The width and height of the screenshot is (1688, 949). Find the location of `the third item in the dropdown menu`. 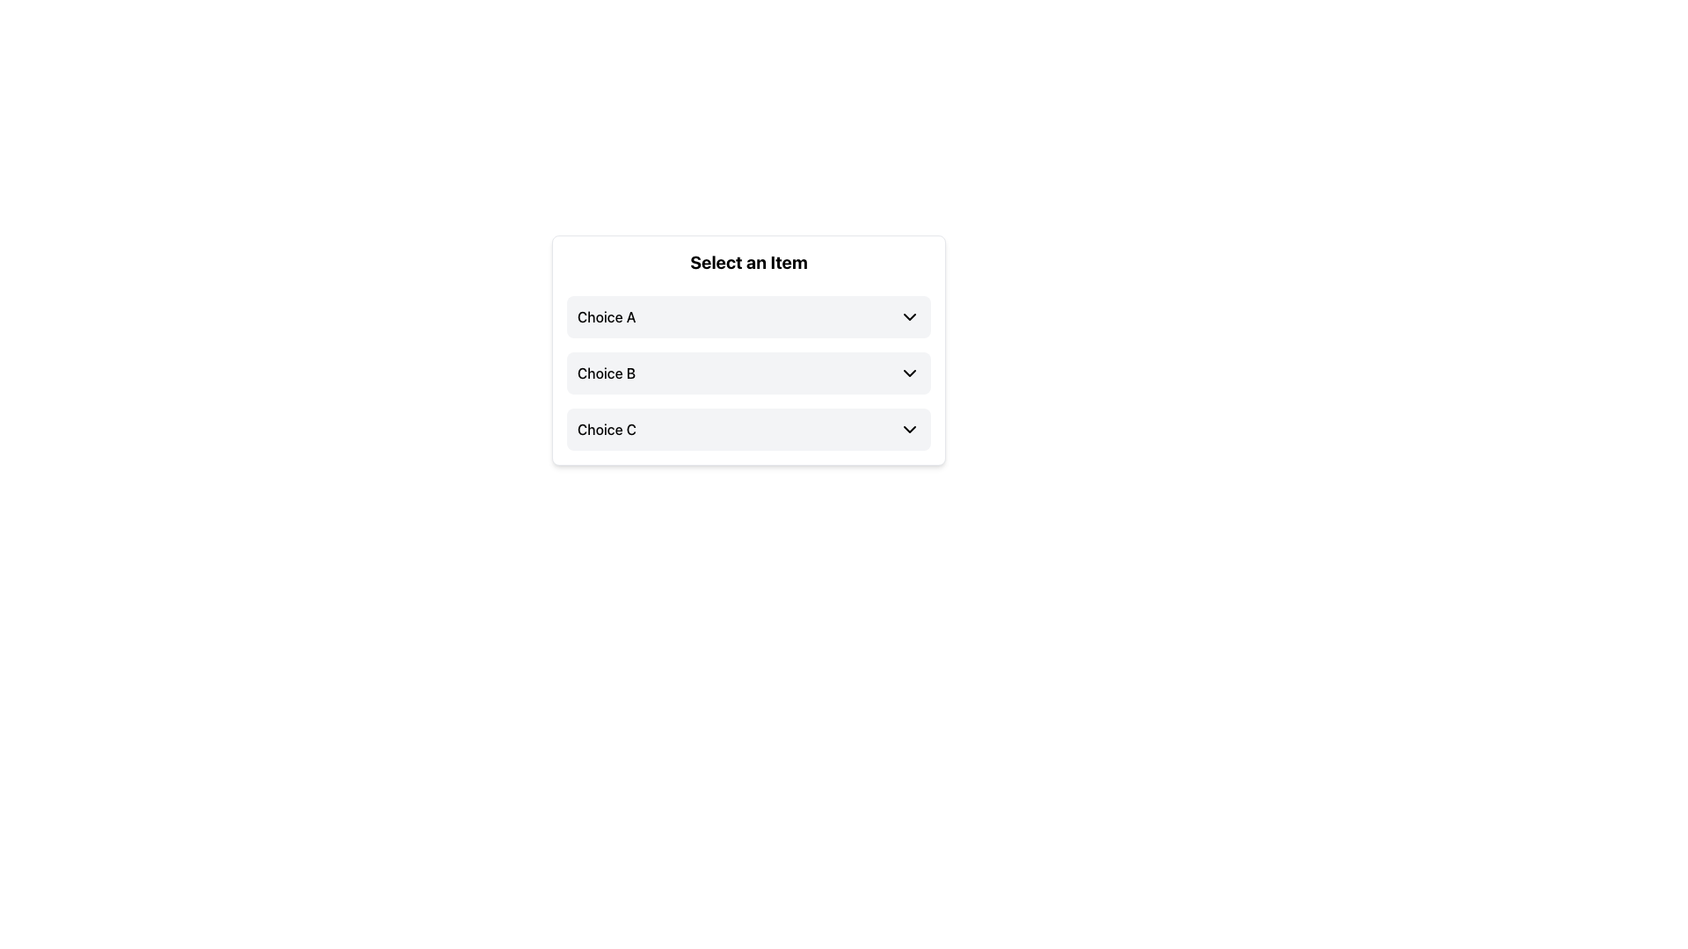

the third item in the dropdown menu is located at coordinates (748, 430).